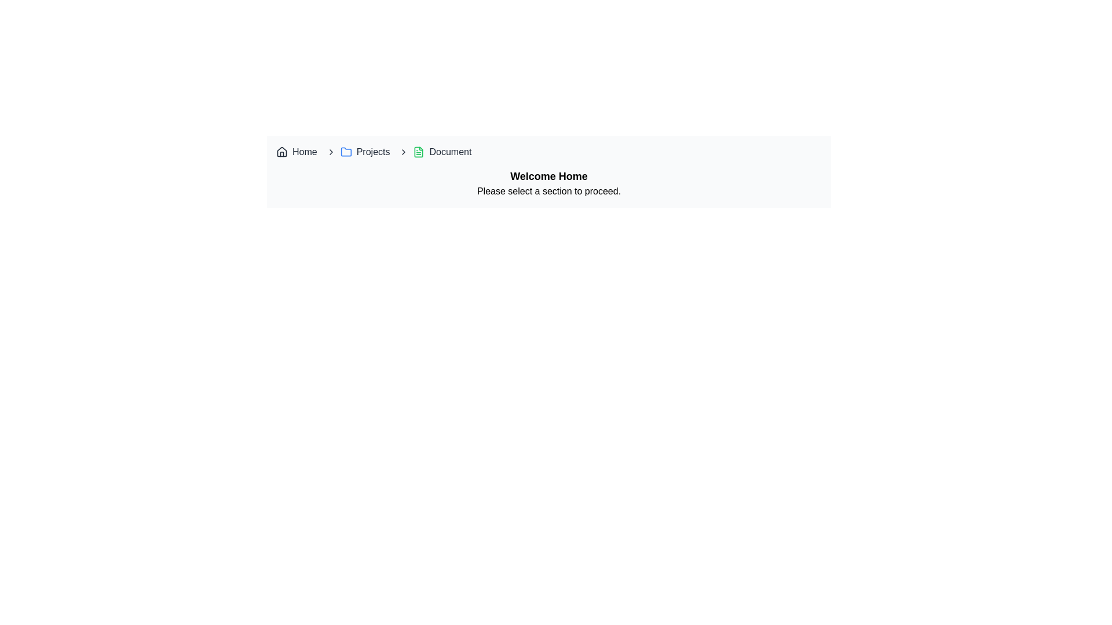 Image resolution: width=1112 pixels, height=625 pixels. What do you see at coordinates (418, 151) in the screenshot?
I see `the 'Document' section icon located in the breadcrumb navigation bar, which is the sixth icon and positioned to the left of the 'Document' text` at bounding box center [418, 151].